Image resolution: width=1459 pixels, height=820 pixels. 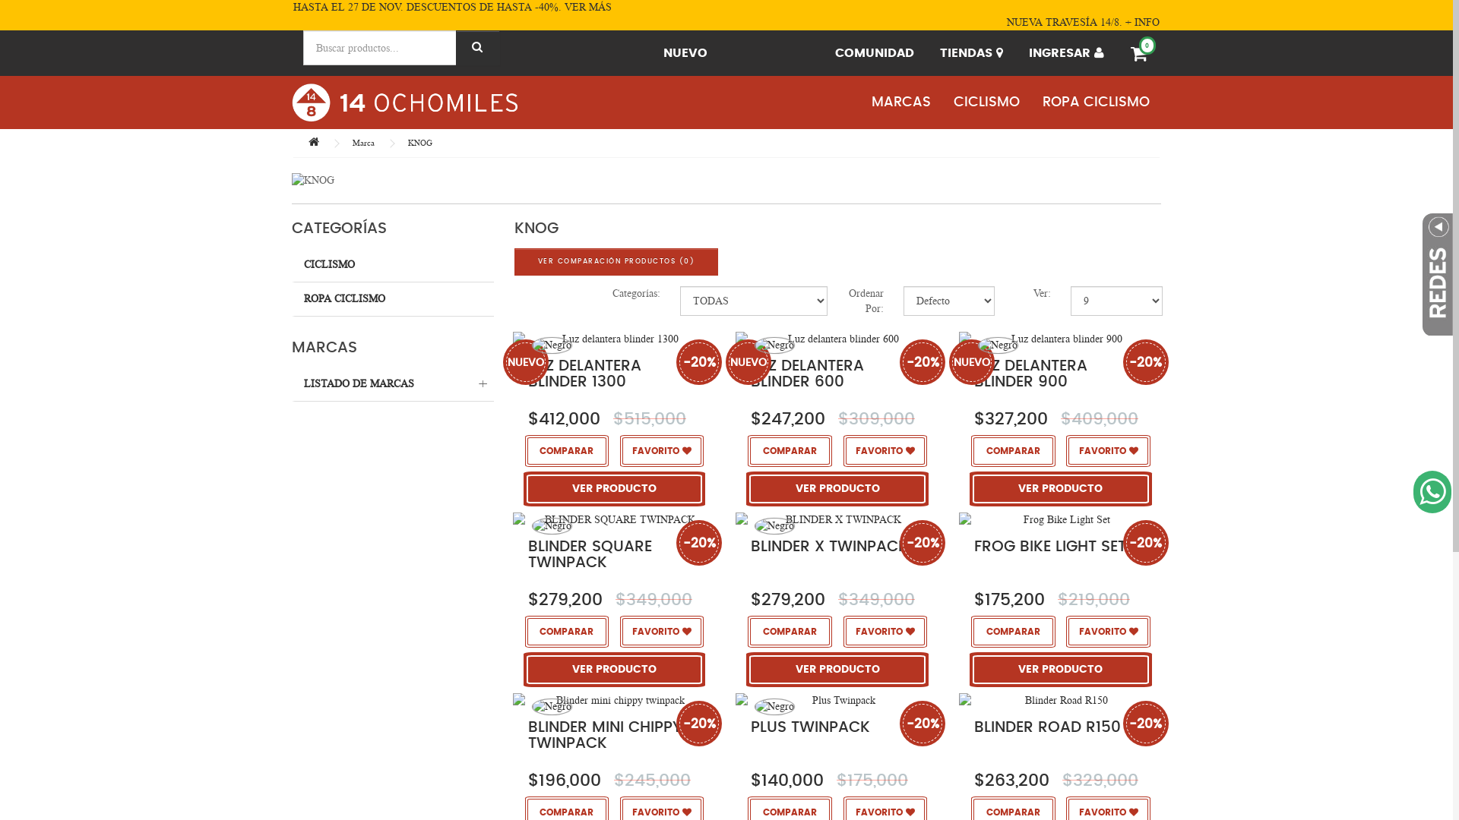 What do you see at coordinates (1059, 518) in the screenshot?
I see `'Frog Bike Light Set'` at bounding box center [1059, 518].